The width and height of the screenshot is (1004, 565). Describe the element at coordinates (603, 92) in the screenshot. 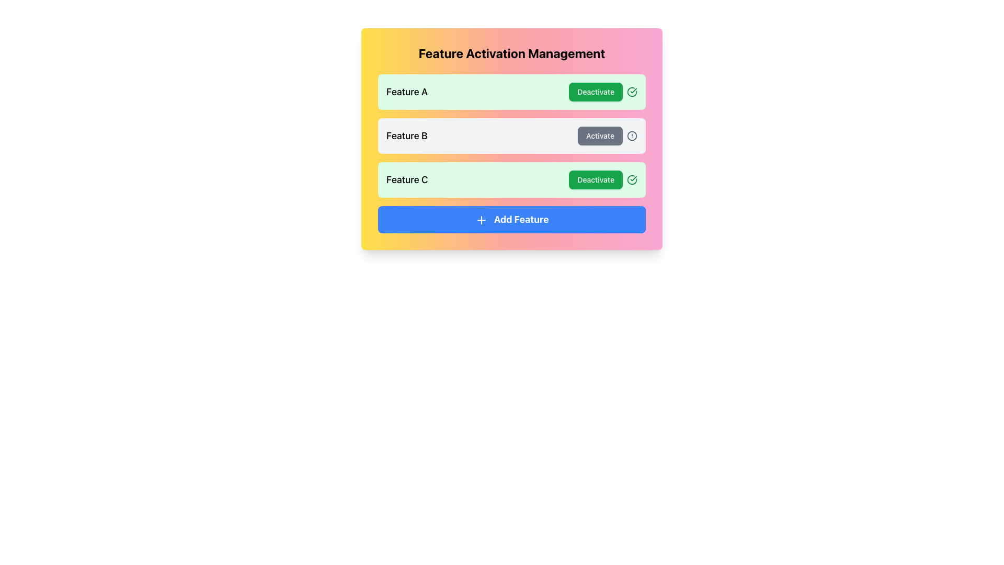

I see `button for Feature A located in the right section of the panel, which has an adjacent circular icon with a green checkmark, to check for tooltip or details` at that location.